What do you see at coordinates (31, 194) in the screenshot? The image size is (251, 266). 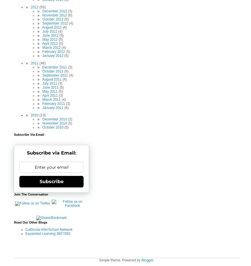 I see `'Join The Conversation'` at bounding box center [31, 194].